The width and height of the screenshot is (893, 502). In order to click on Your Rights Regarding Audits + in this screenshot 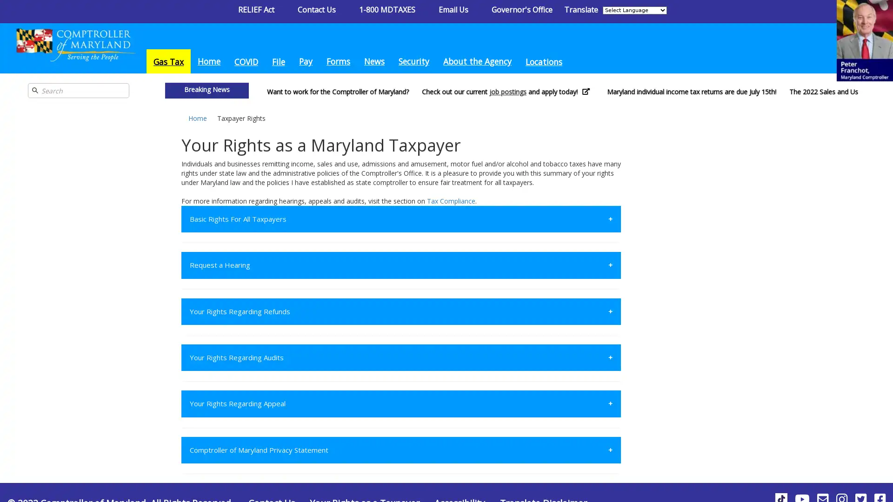, I will do `click(401, 357)`.